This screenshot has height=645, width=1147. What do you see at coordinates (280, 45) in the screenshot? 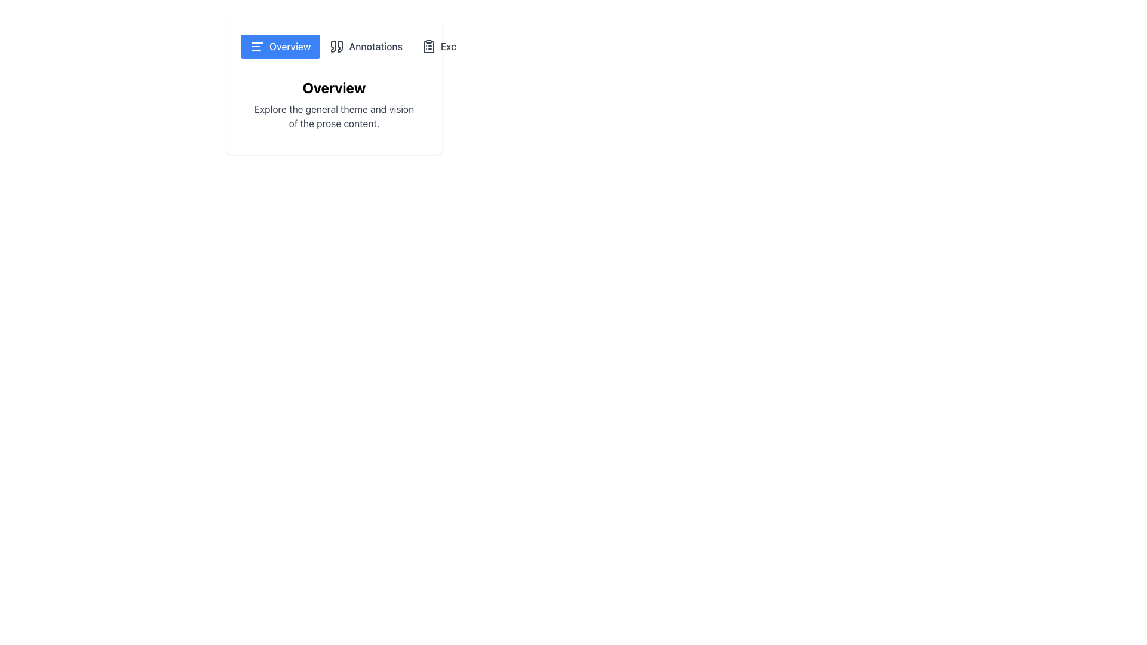
I see `the blue 'Overview' button with rounded corners that contains a menu icon` at bounding box center [280, 45].